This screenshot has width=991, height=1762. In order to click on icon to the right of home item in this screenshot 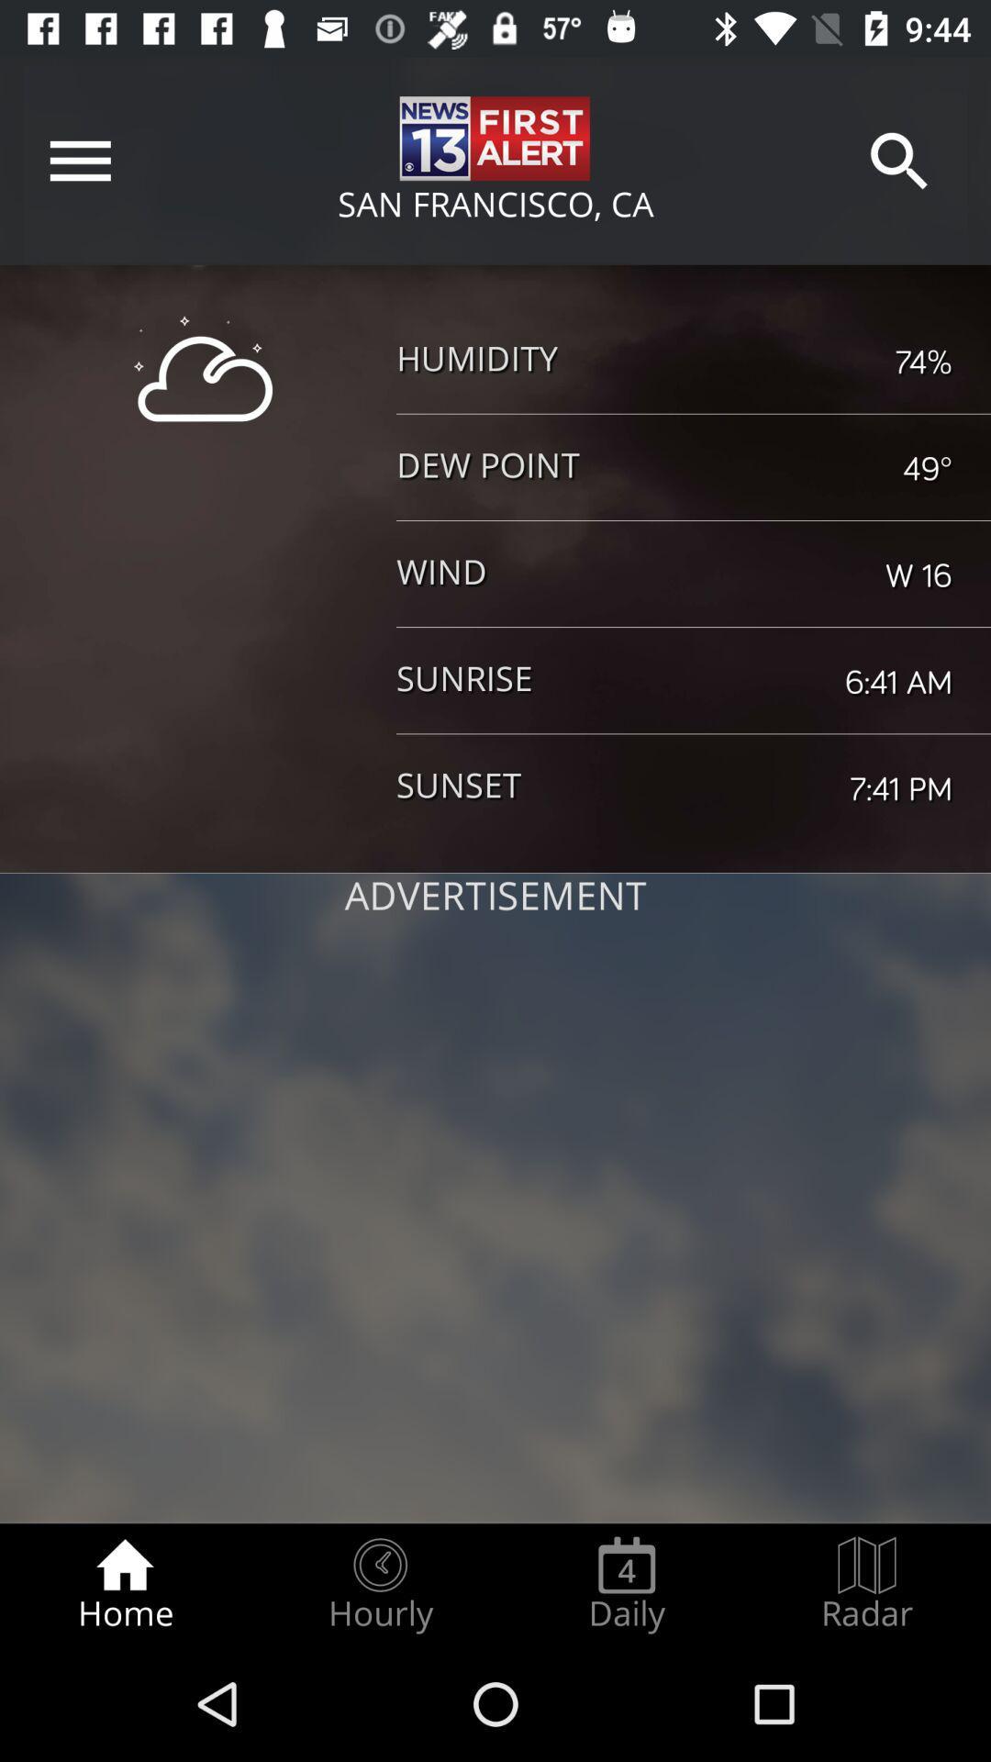, I will do `click(379, 1584)`.